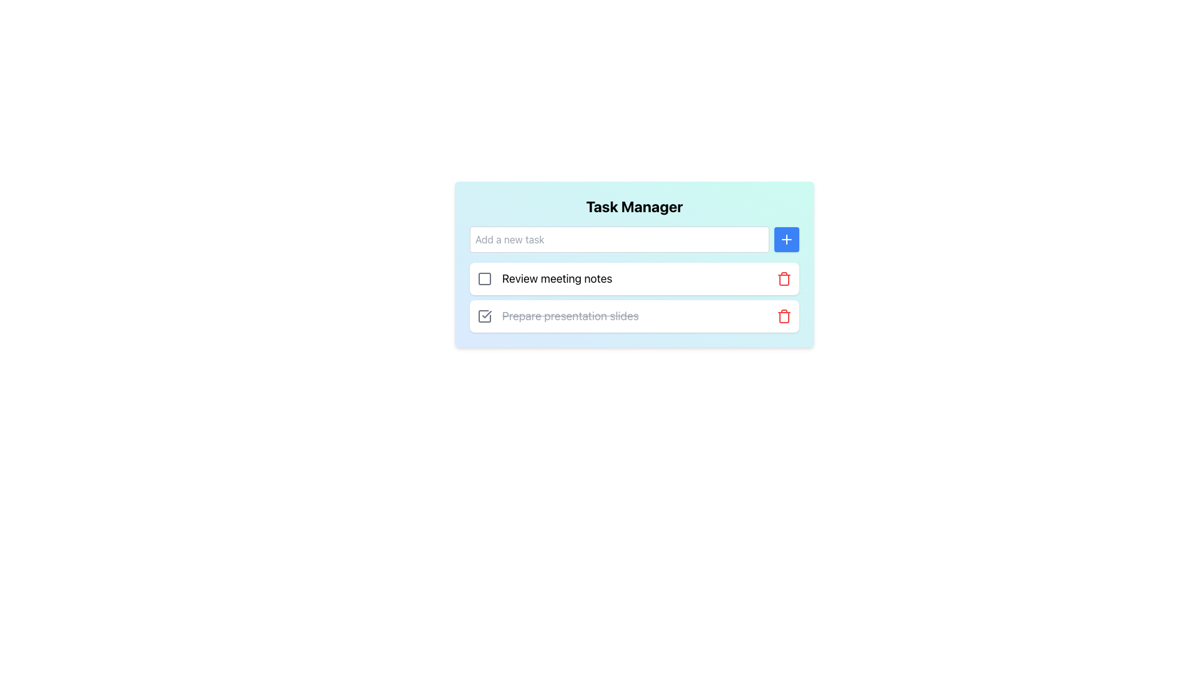 The width and height of the screenshot is (1198, 674). What do you see at coordinates (484, 278) in the screenshot?
I see `the interactive toggle button to mark the task 'Review meeting notes' as completed` at bounding box center [484, 278].